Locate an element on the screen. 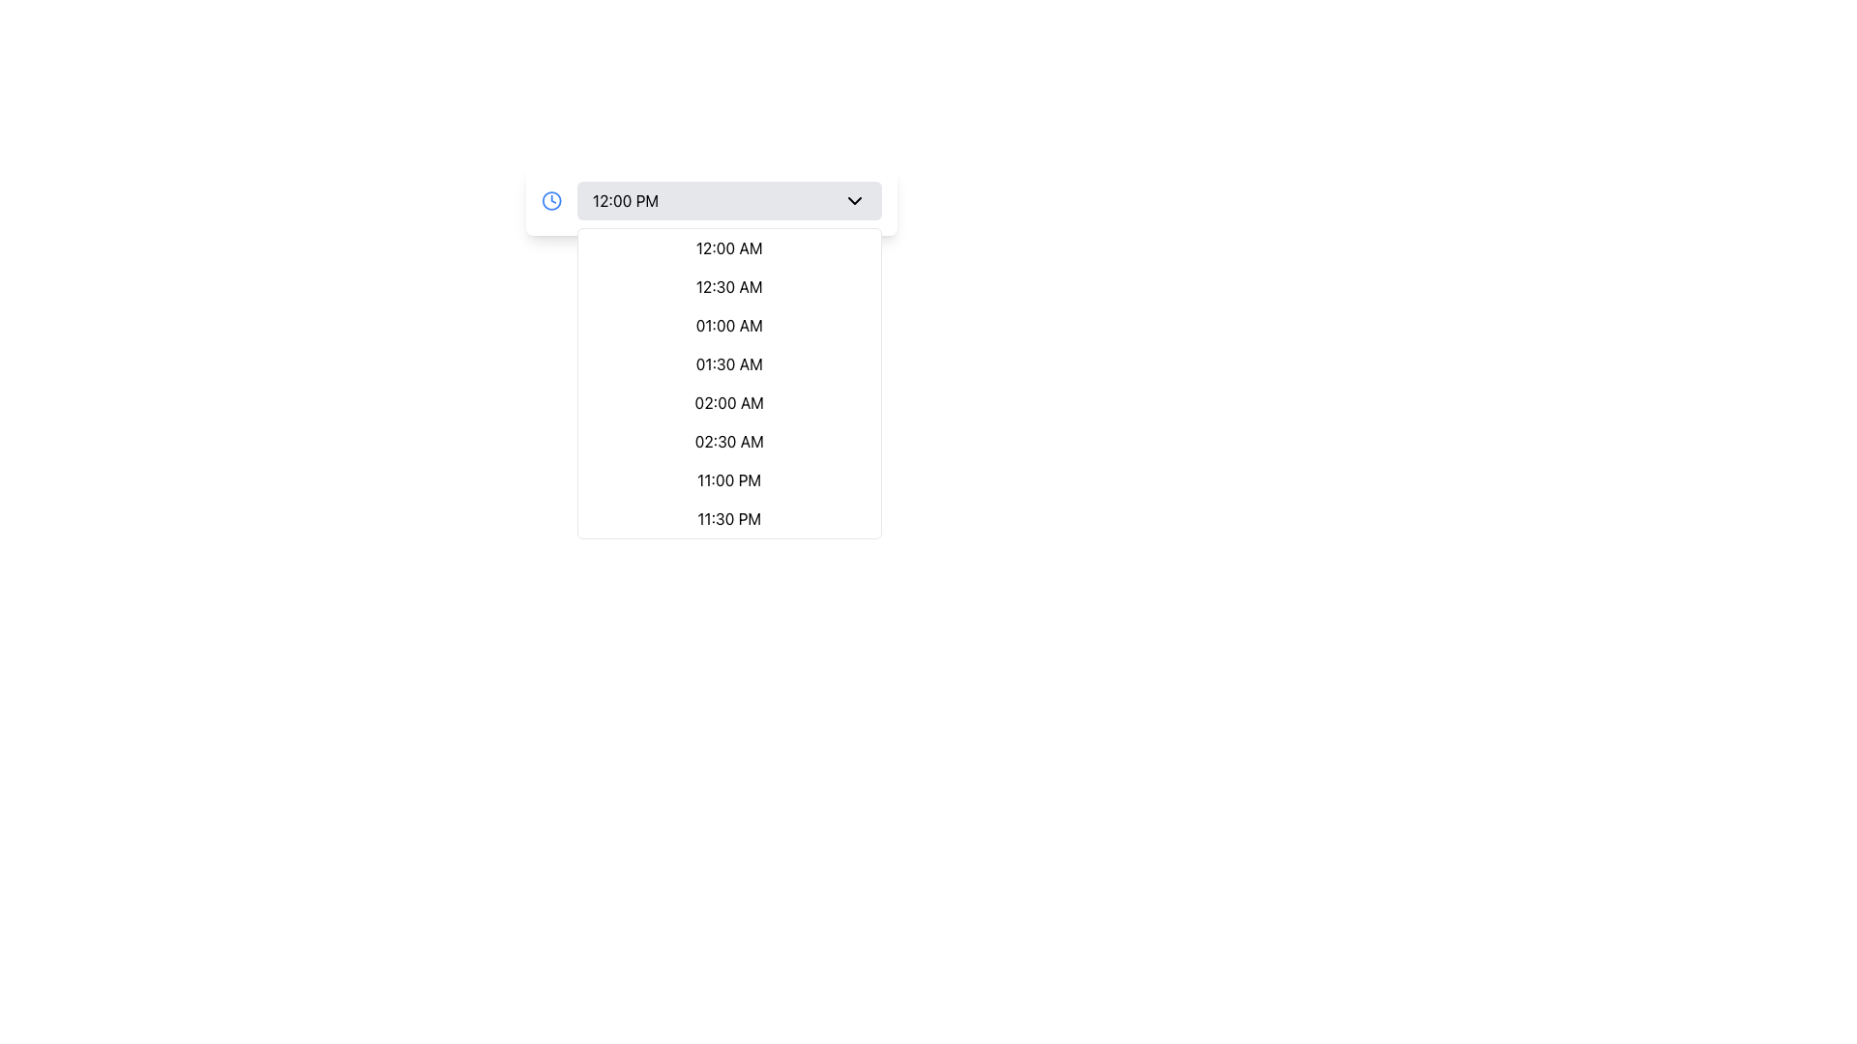 This screenshot has height=1044, width=1857. the icon or dropdown toggle located to the far right of the '12:00 PM' text is located at coordinates (853, 201).